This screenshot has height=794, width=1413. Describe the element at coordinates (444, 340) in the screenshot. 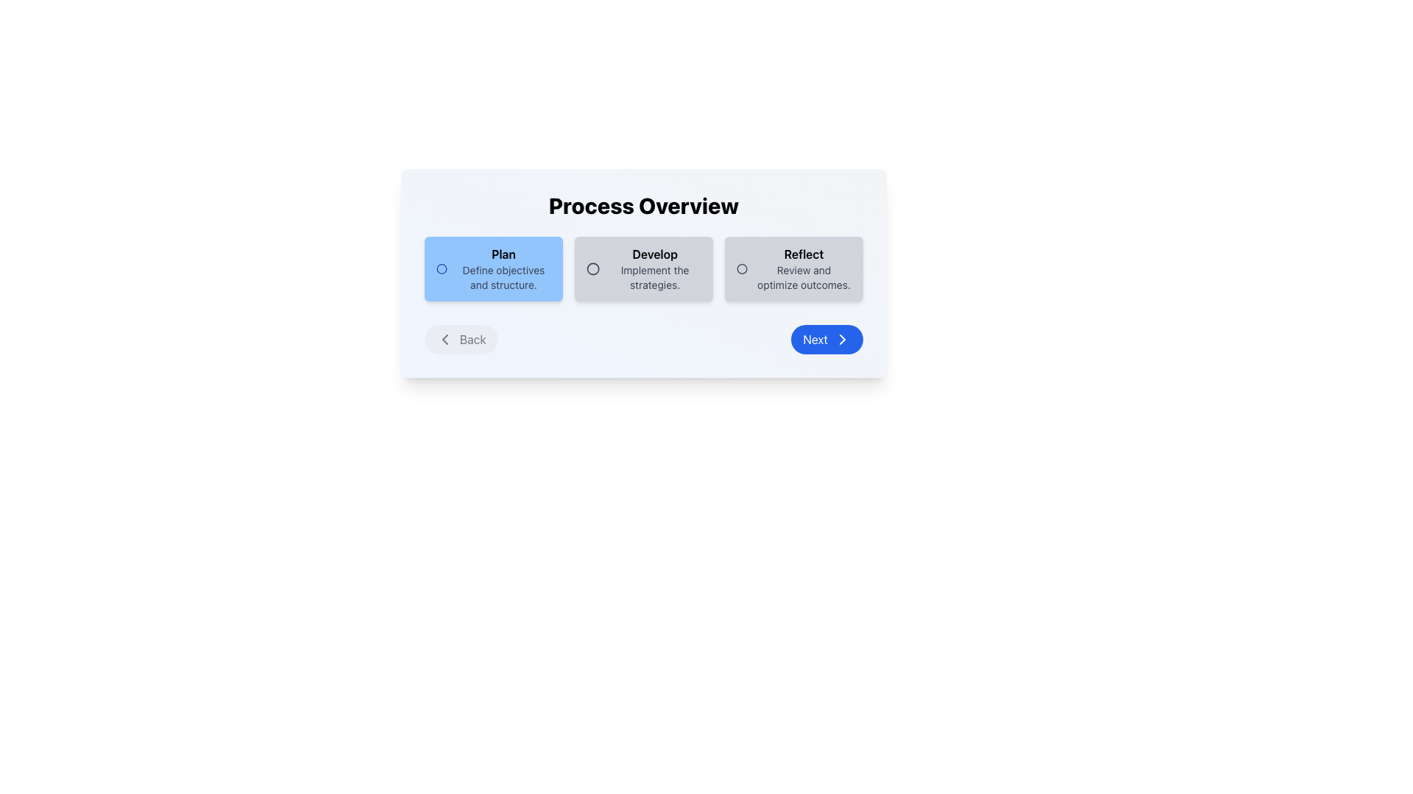

I see `the left-pointing chevron icon located to the left of the 'Back' button within the 'Process Overview' panel` at that location.